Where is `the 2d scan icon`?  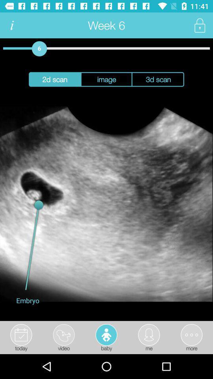
the 2d scan icon is located at coordinates (54, 79).